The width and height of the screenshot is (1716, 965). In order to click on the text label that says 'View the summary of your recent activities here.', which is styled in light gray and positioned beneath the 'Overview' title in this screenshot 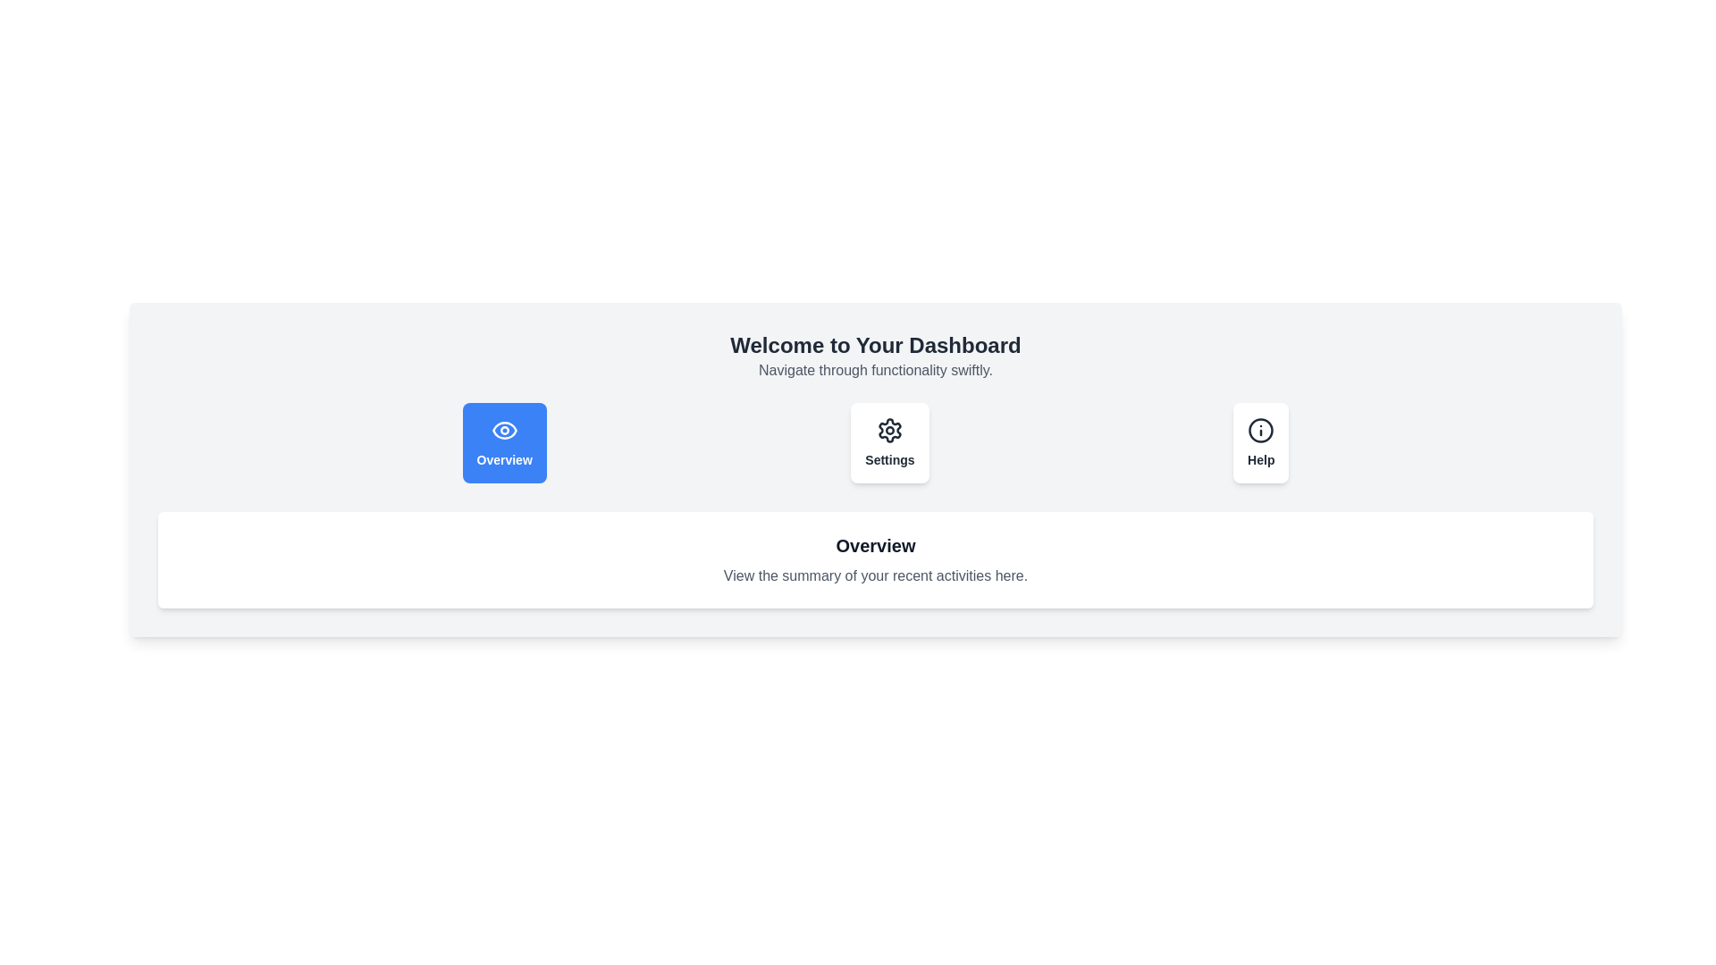, I will do `click(875, 575)`.